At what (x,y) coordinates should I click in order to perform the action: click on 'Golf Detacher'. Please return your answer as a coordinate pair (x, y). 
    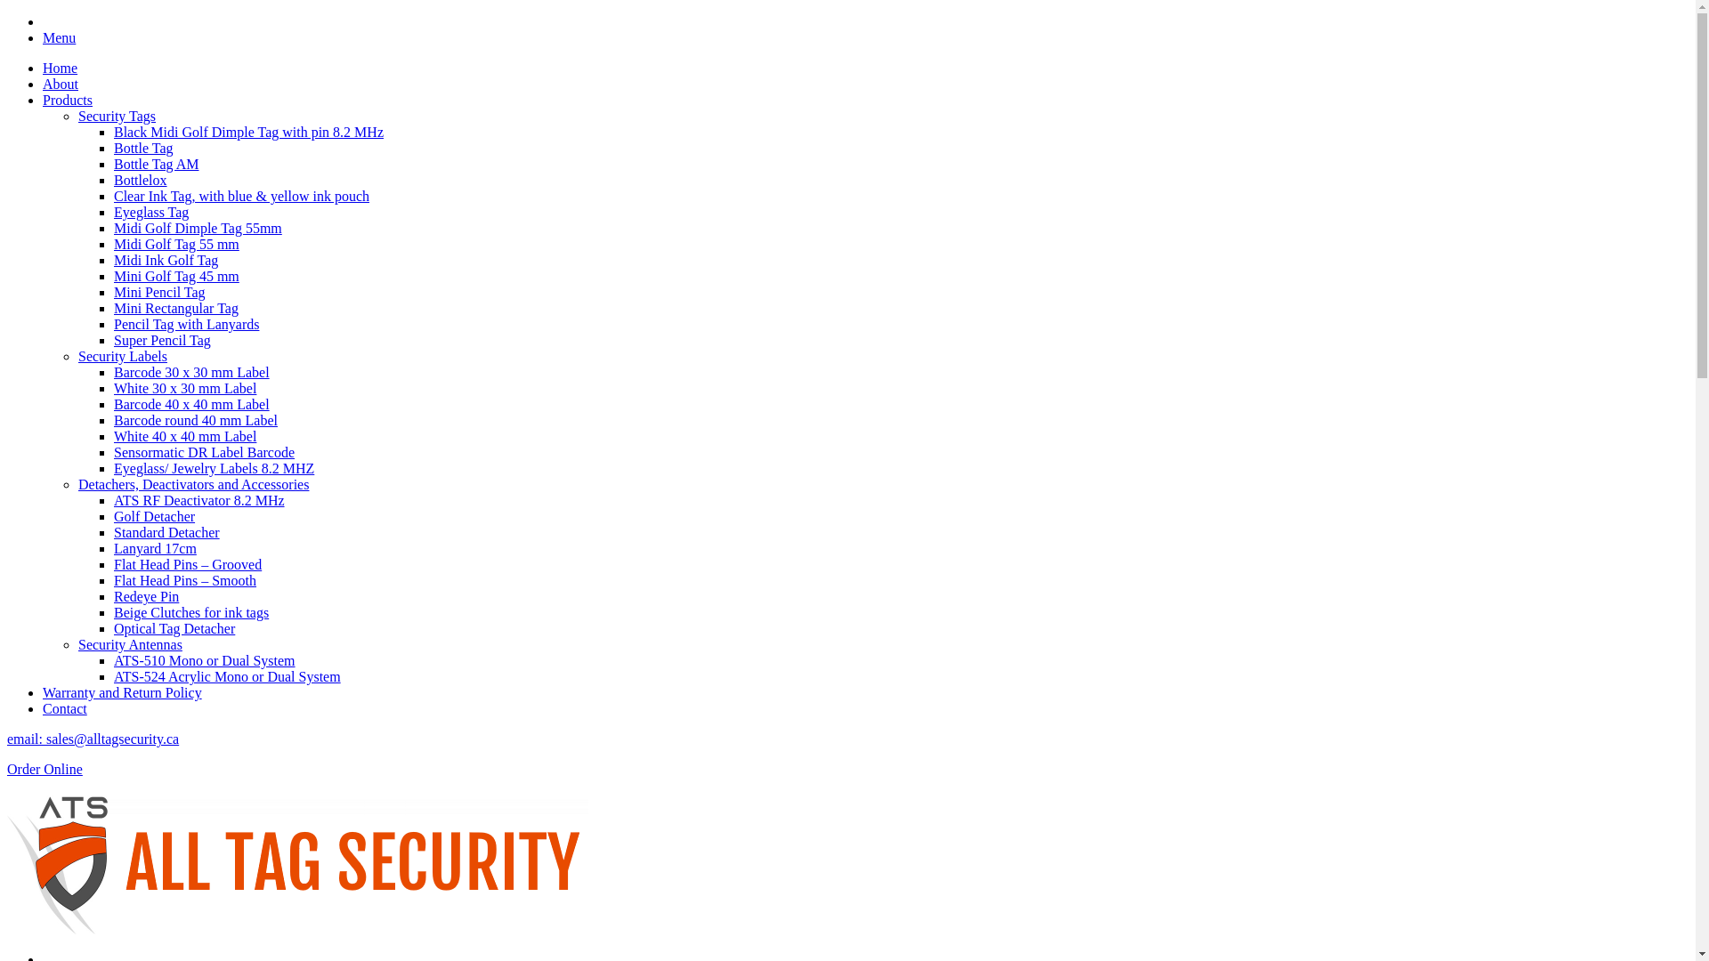
    Looking at the image, I should click on (154, 516).